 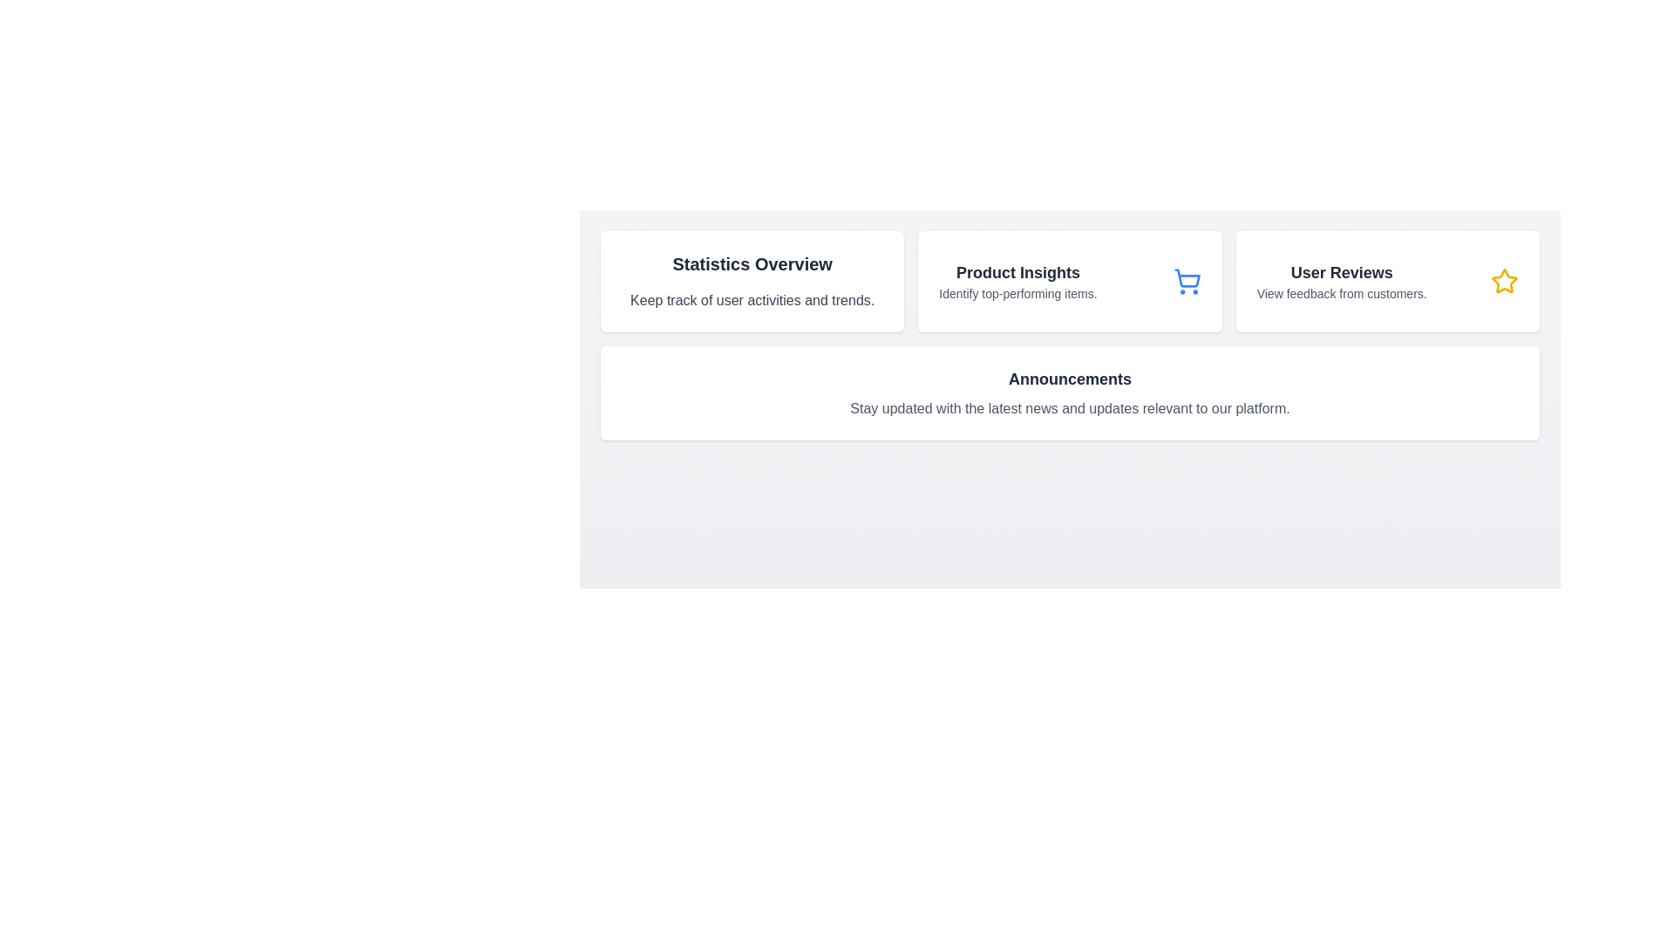 I want to click on information from the text block located in the top-right card of the grid layout, which provides details about accessing user reviews and their feedback, so click(x=1341, y=281).